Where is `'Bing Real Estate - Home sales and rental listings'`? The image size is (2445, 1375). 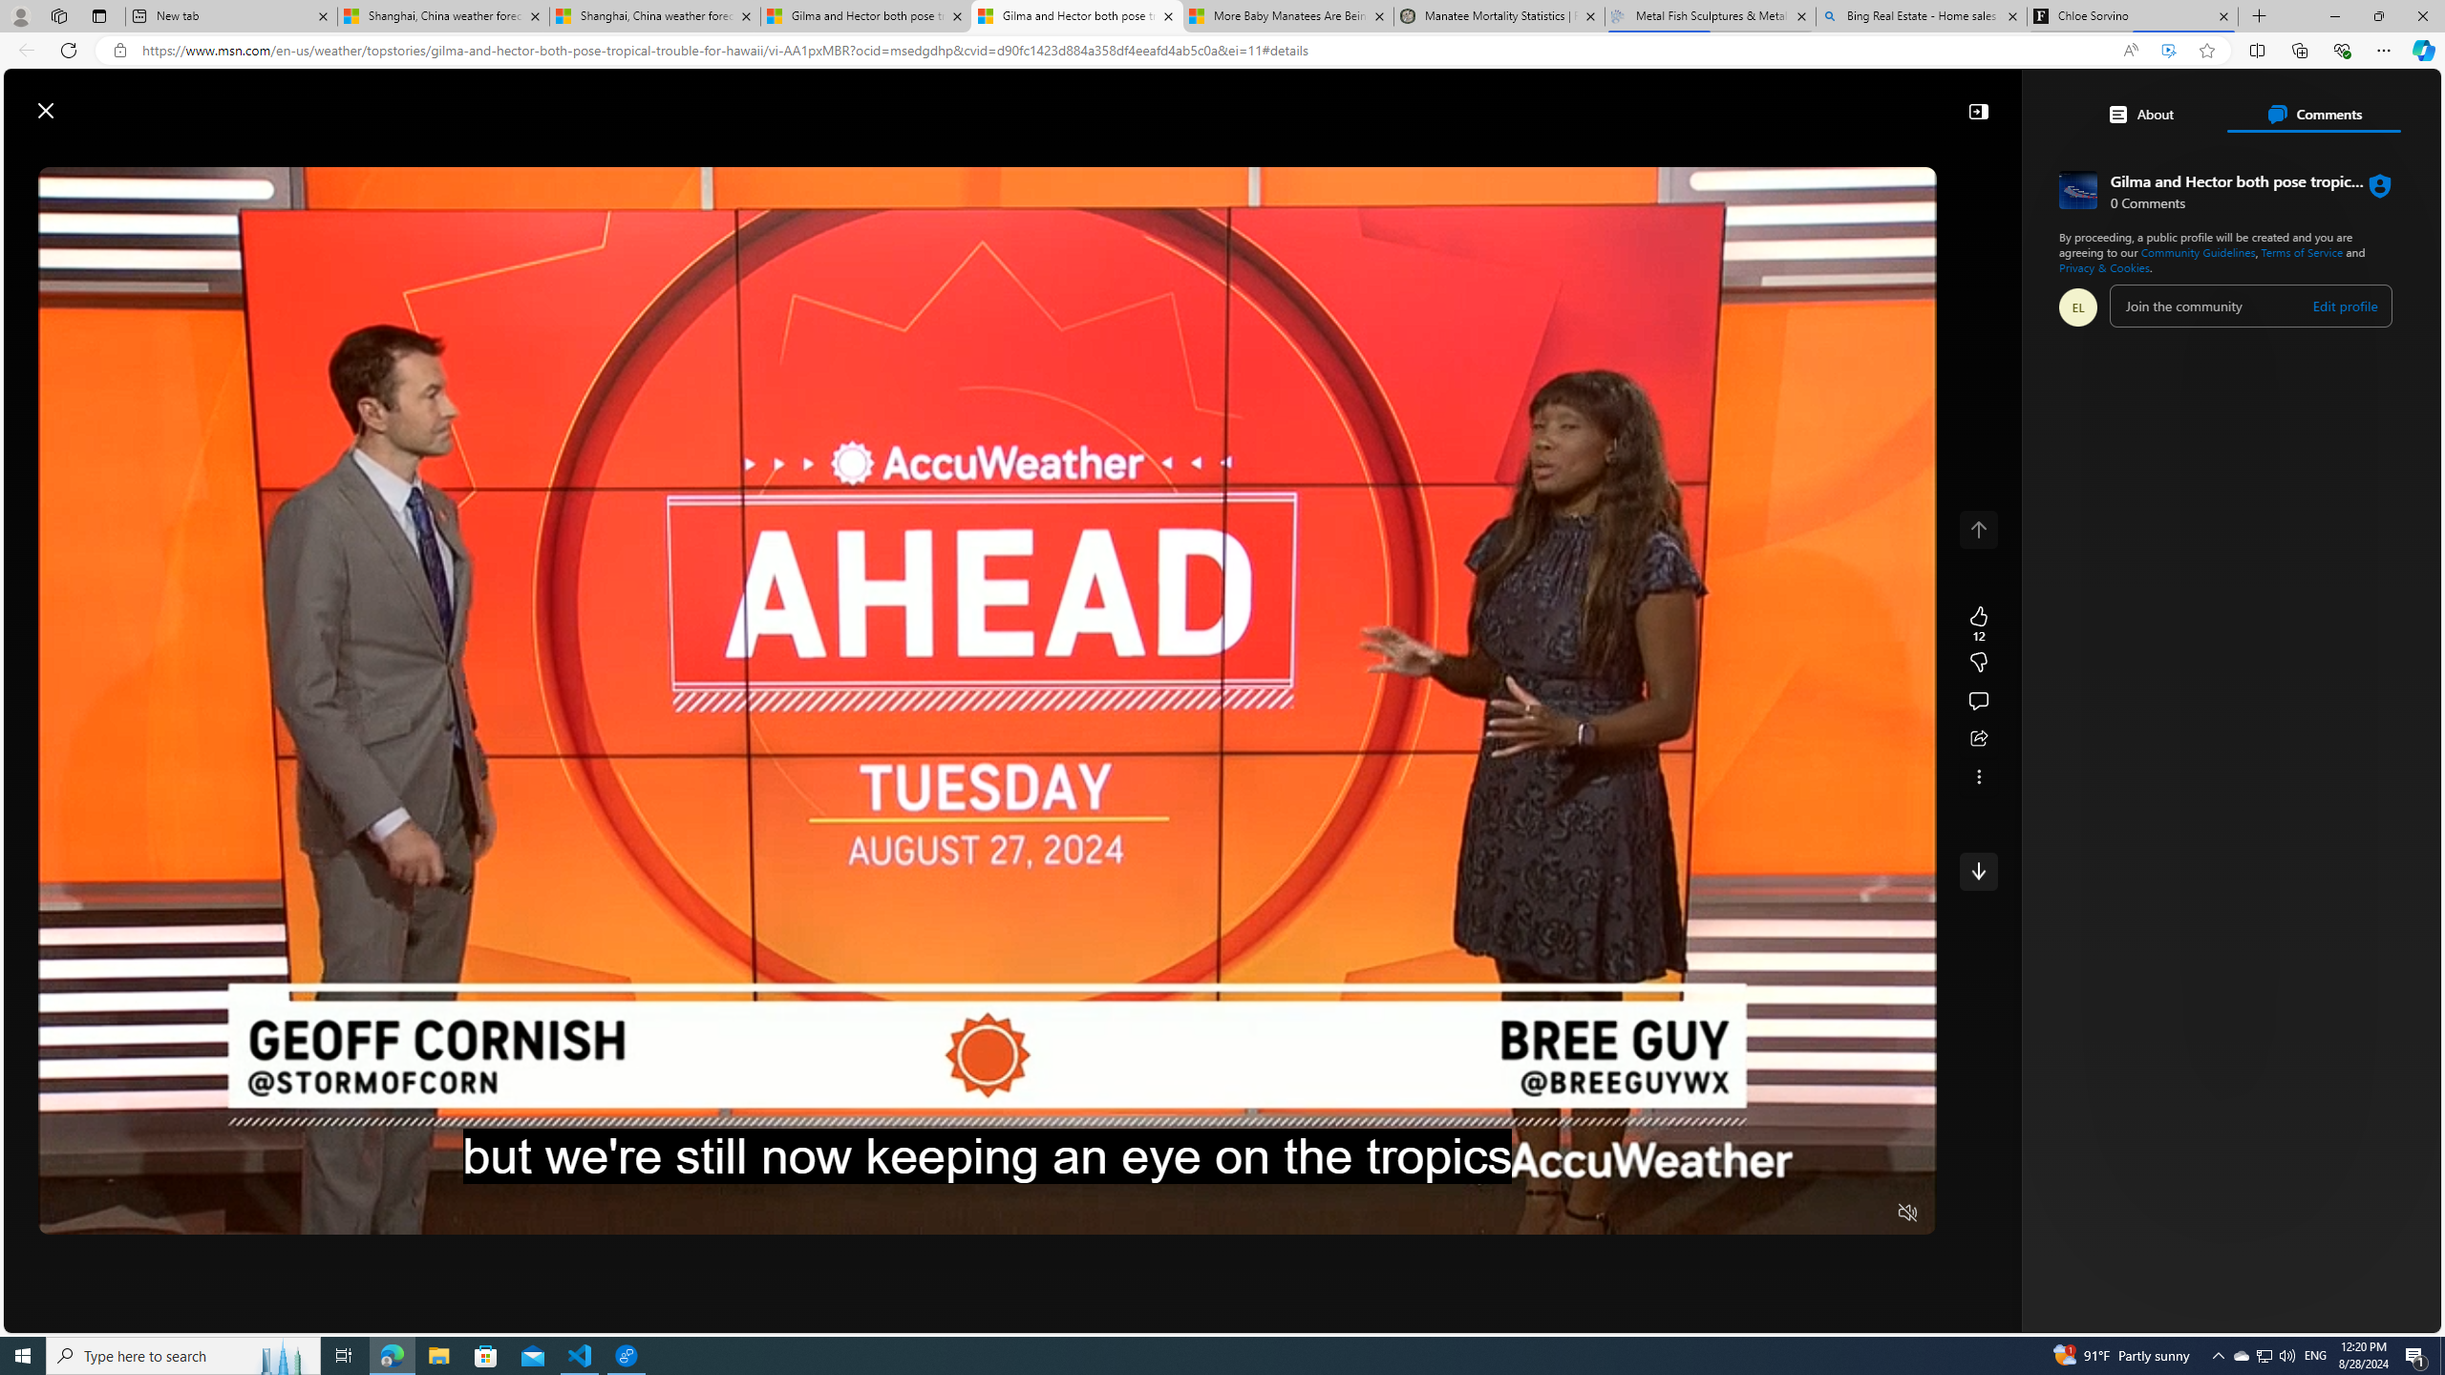
'Bing Real Estate - Home sales and rental listings' is located at coordinates (1919, 15).